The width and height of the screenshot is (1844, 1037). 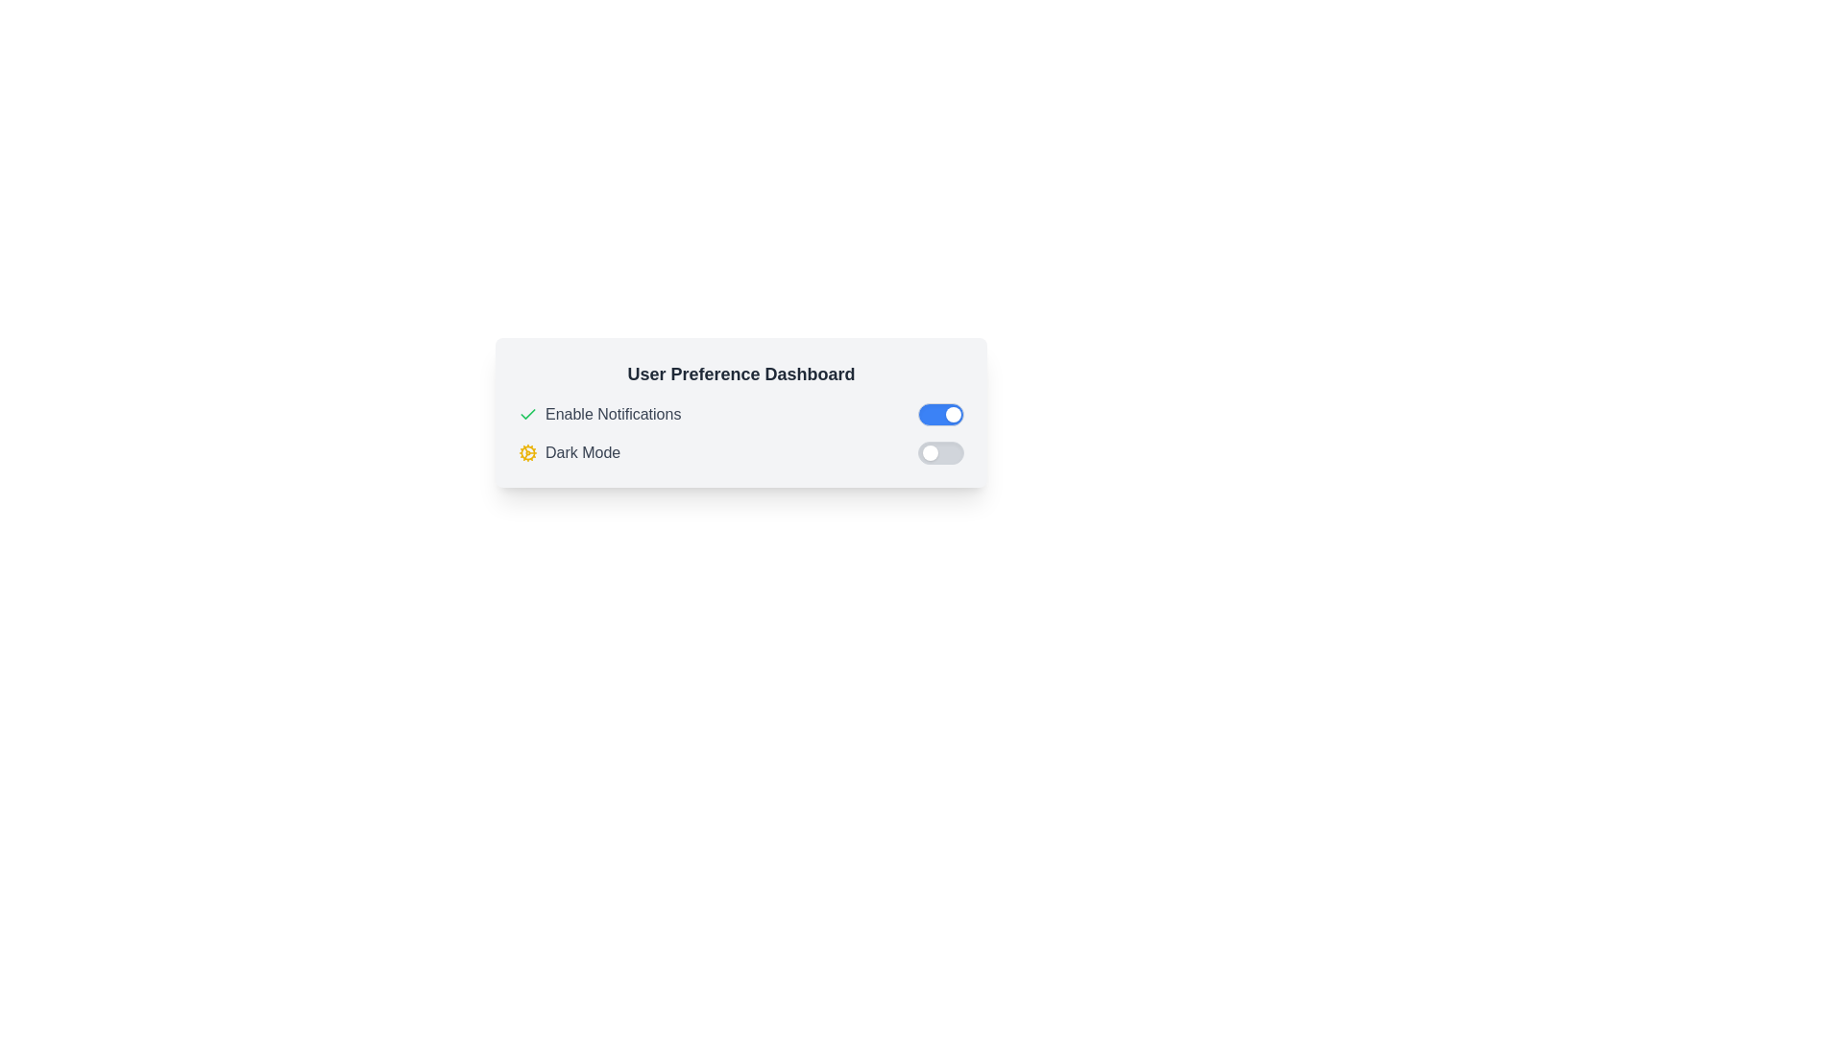 I want to click on the 'Enable Notifications' text label located in the settings interface, which is styled in a muted gray color and positioned to the left of a toggle switch, so click(x=612, y=414).